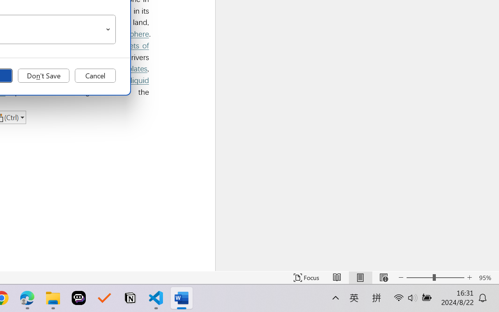 The image size is (499, 312). Describe the element at coordinates (130, 298) in the screenshot. I see `'Notion'` at that location.